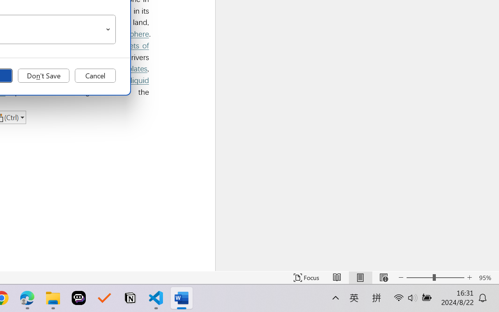 The image size is (499, 312). Describe the element at coordinates (130, 298) in the screenshot. I see `'Notion'` at that location.